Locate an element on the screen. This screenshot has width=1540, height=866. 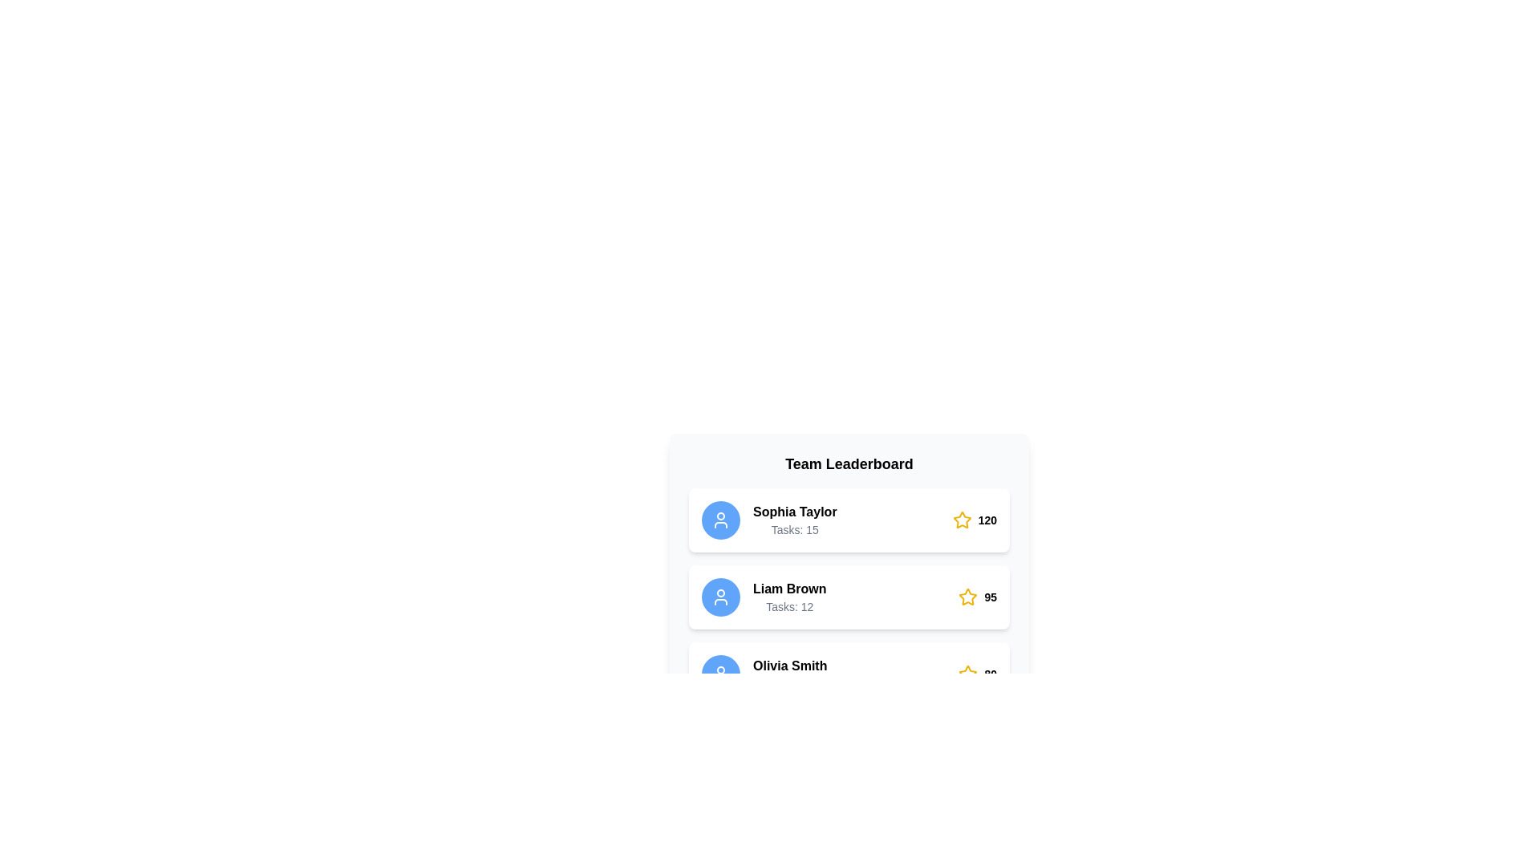
the static text label displaying 'Tasks: 12' located below the 'Liam Brown' name in the leaderboard is located at coordinates (789, 606).